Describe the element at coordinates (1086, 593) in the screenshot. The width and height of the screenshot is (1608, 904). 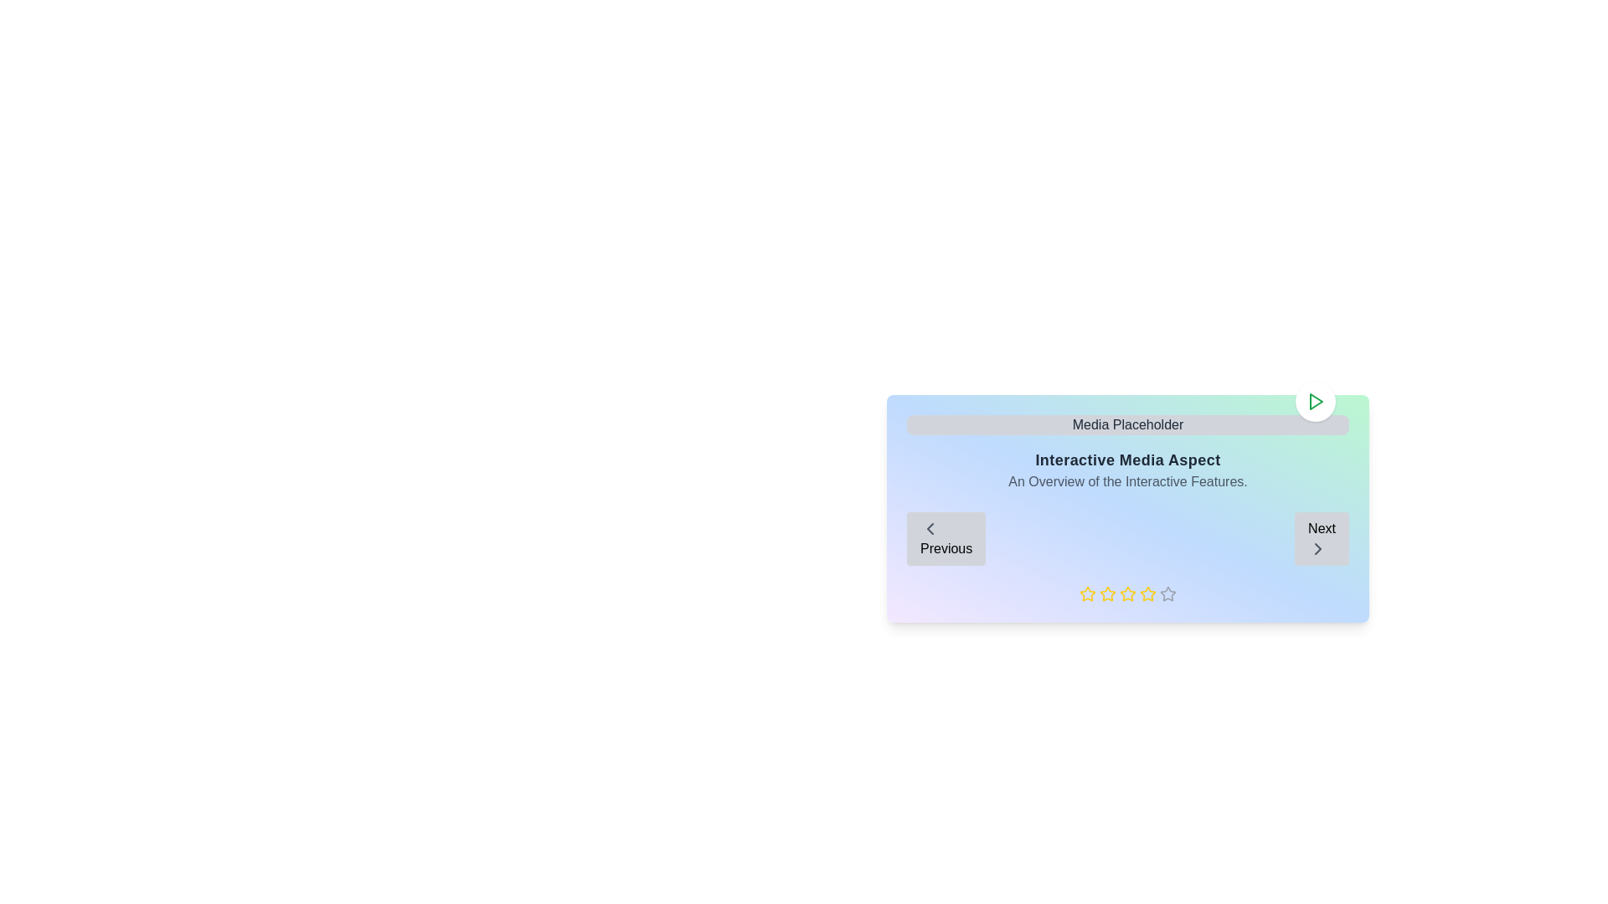
I see `the first rating star to provide feedback on satisfaction level` at that location.